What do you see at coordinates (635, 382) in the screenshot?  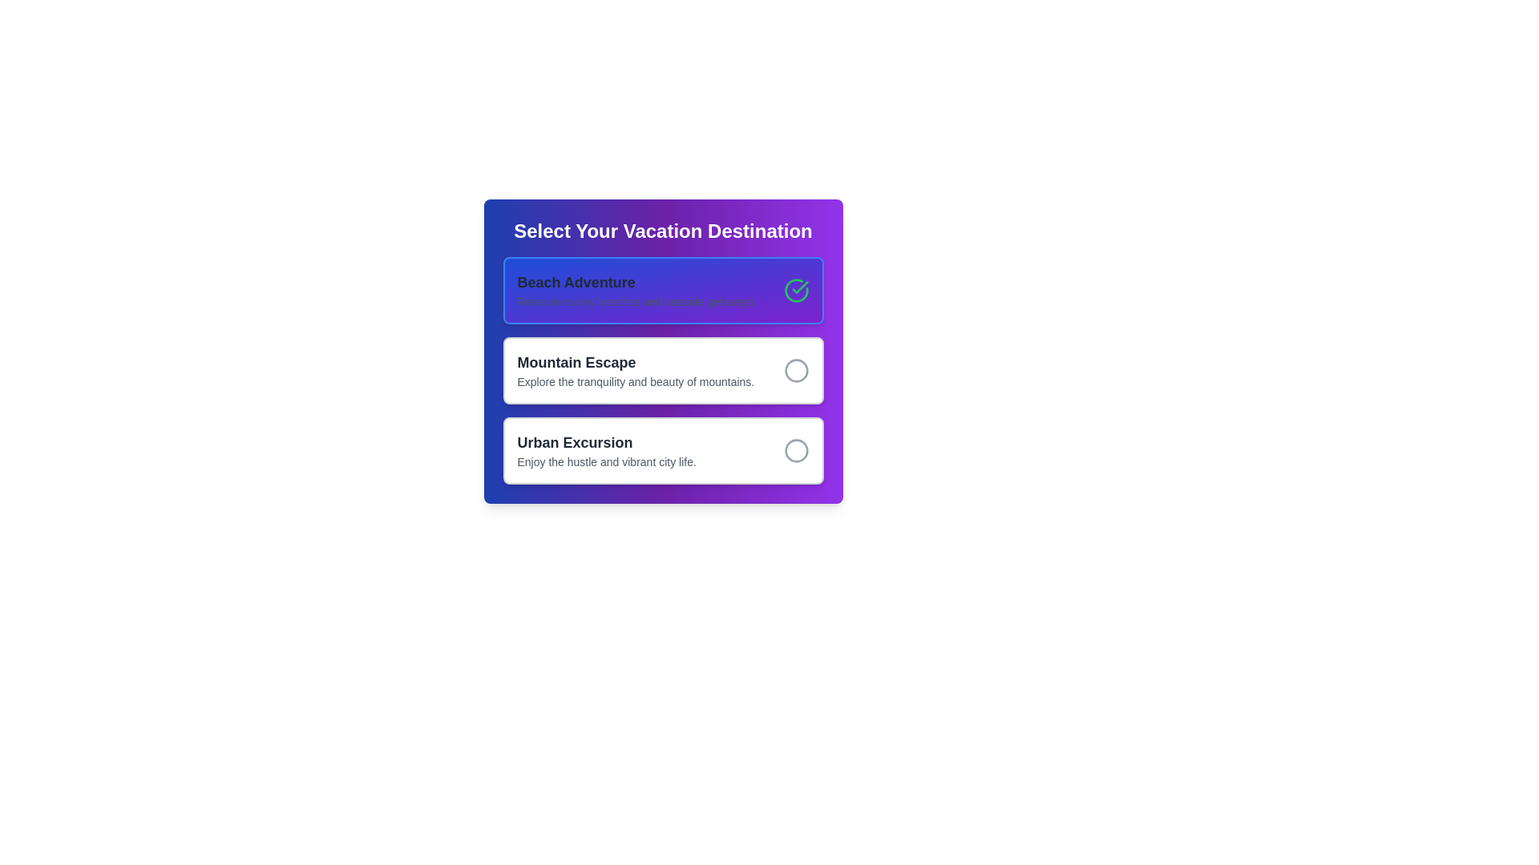 I see `descriptive information text located centrally beneath the 'Mountain Escape' title in the vacation options card` at bounding box center [635, 382].